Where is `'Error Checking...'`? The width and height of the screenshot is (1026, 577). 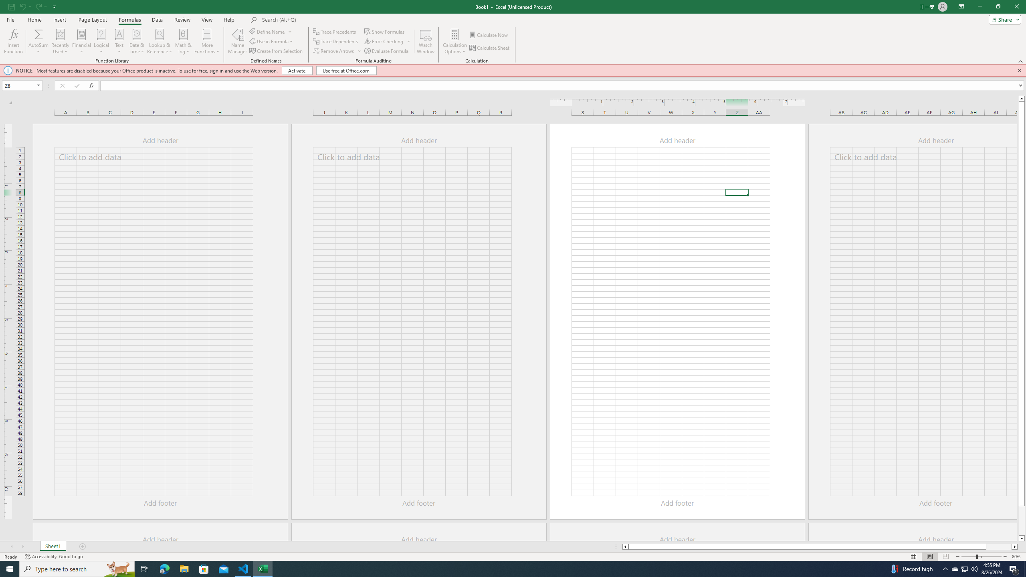
'Error Checking...' is located at coordinates (387, 41).